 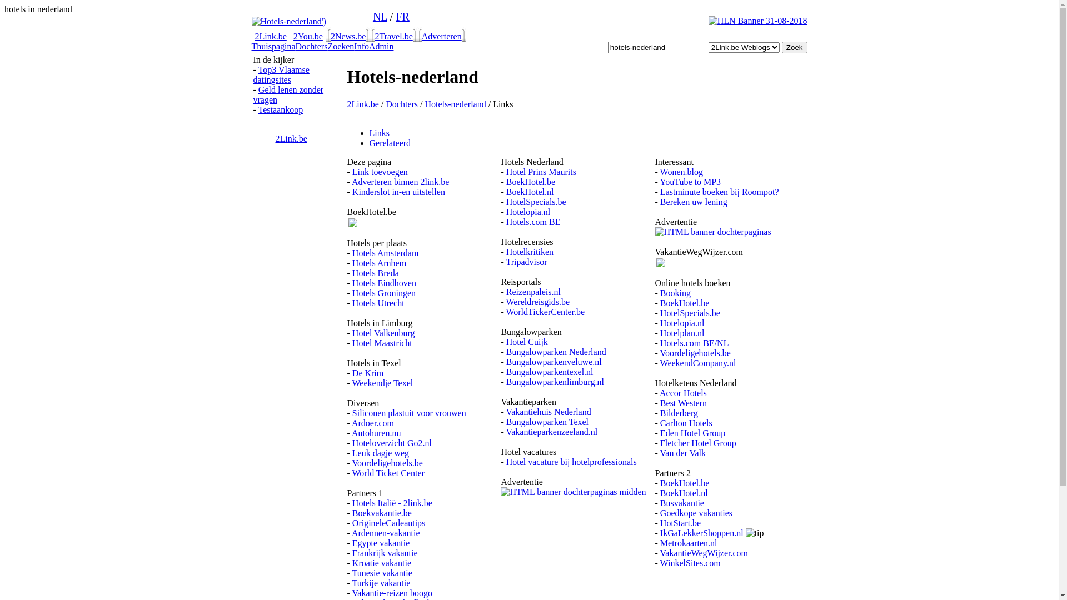 I want to click on 'Frankrijk vakantie', so click(x=385, y=553).